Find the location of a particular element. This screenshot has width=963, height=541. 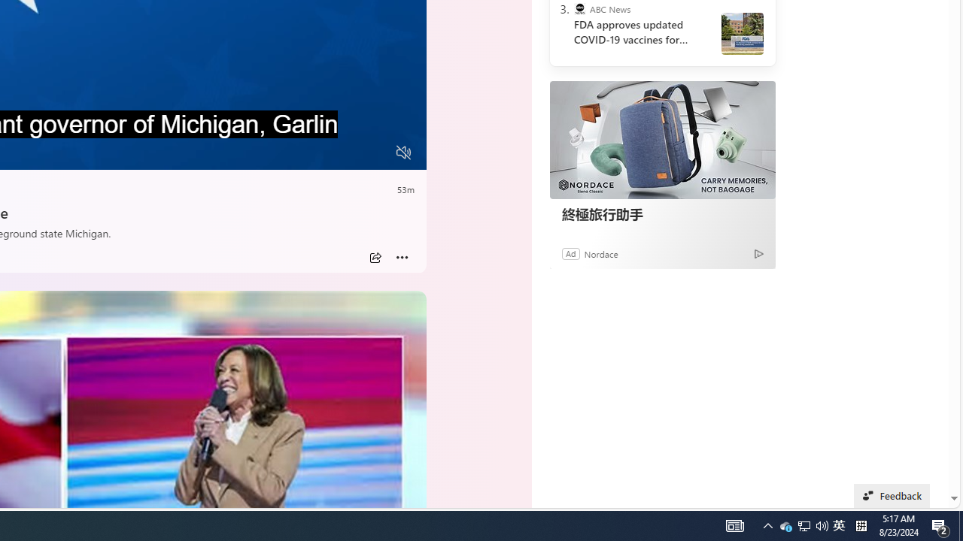

'ABC News' is located at coordinates (579, 9).